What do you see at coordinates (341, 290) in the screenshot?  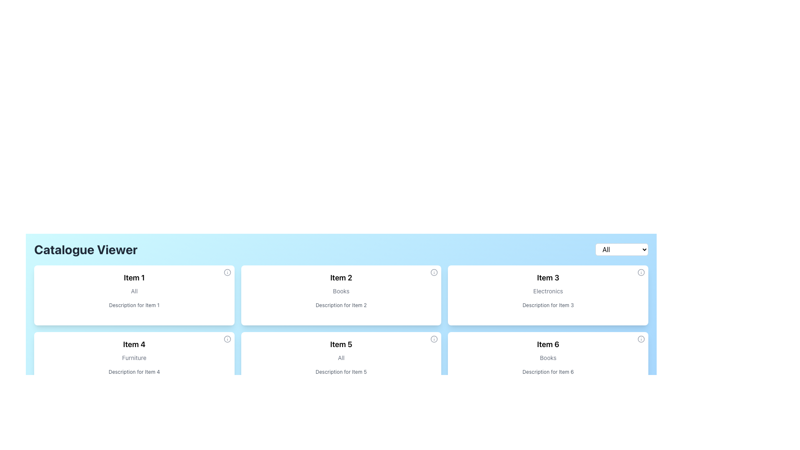 I see `the text label 'Books' which is styled in gray and located within the card labeled 'Item 2'` at bounding box center [341, 290].